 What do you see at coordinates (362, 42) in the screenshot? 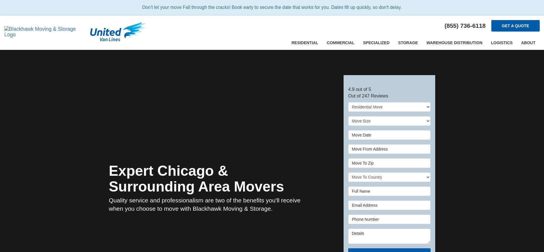
I see `'Specialized'` at bounding box center [362, 42].